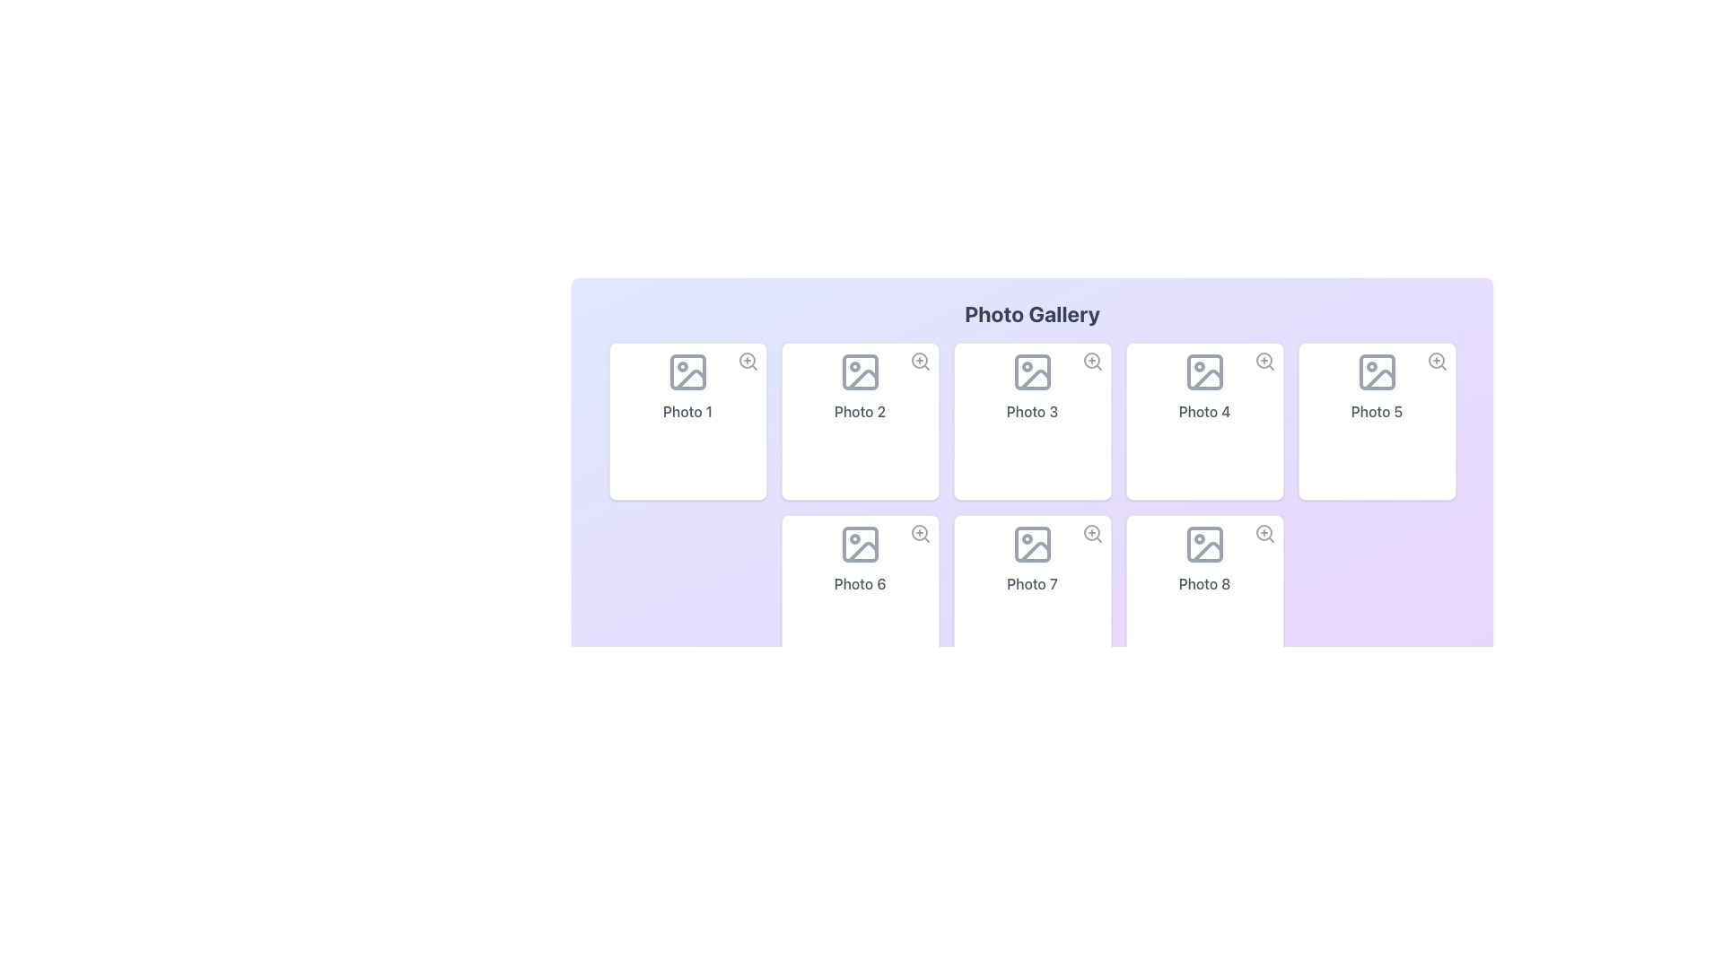 This screenshot has width=1723, height=969. I want to click on the text label displaying 'Photo 1', which is located at the bottom of the first photo card in the gallery interface, so click(687, 412).